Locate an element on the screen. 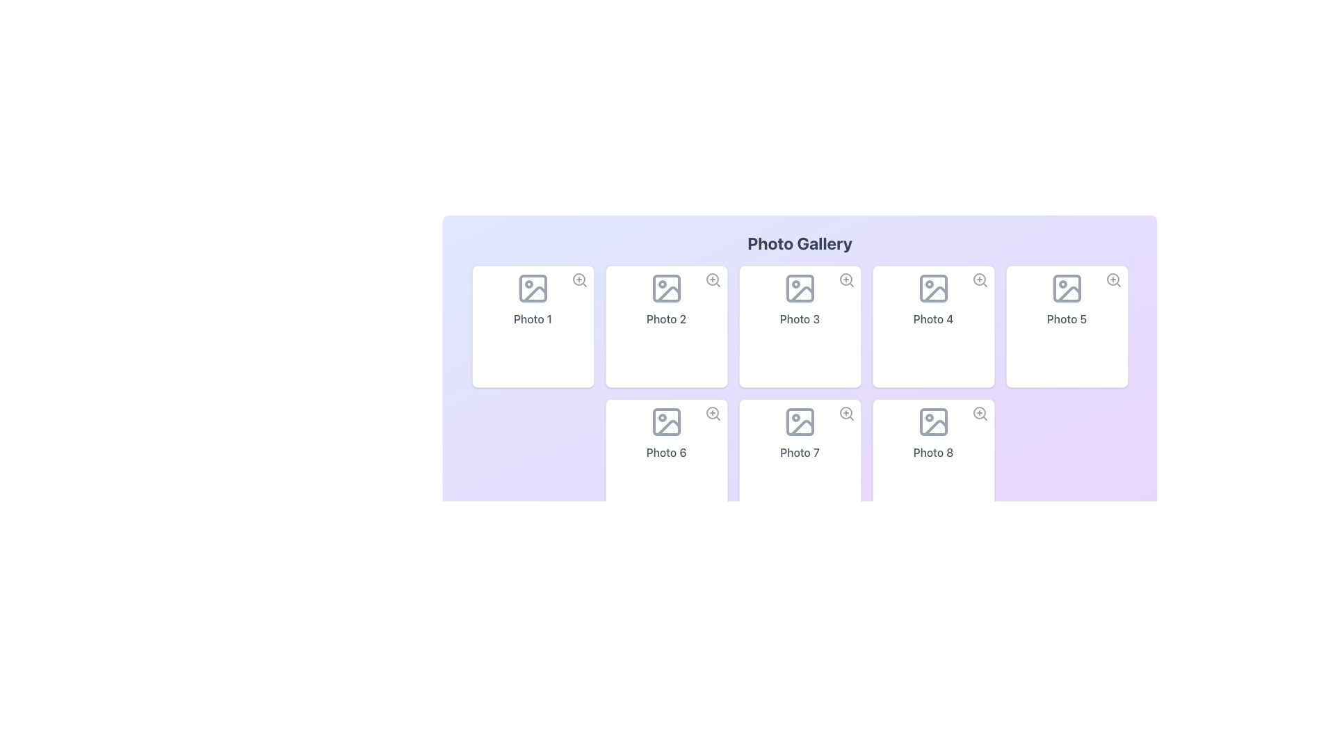 Image resolution: width=1335 pixels, height=751 pixels. the text label displaying 'Photo 4' in medium gray font, located in the top row, fourth position of the photo gallery grid is located at coordinates (933, 319).